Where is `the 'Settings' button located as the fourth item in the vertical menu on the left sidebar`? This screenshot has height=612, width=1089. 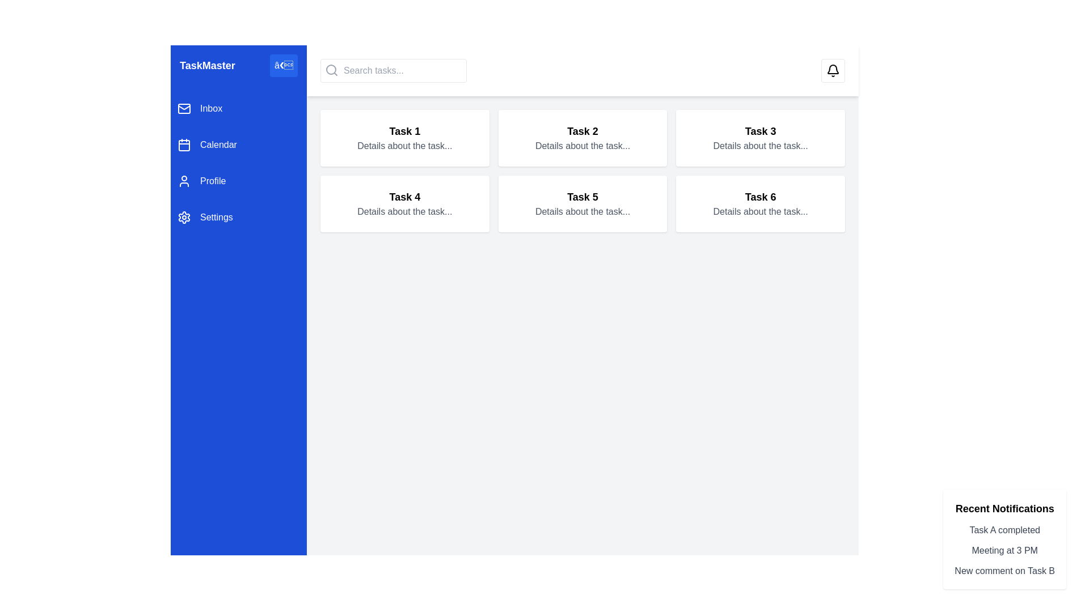 the 'Settings' button located as the fourth item in the vertical menu on the left sidebar is located at coordinates (238, 218).